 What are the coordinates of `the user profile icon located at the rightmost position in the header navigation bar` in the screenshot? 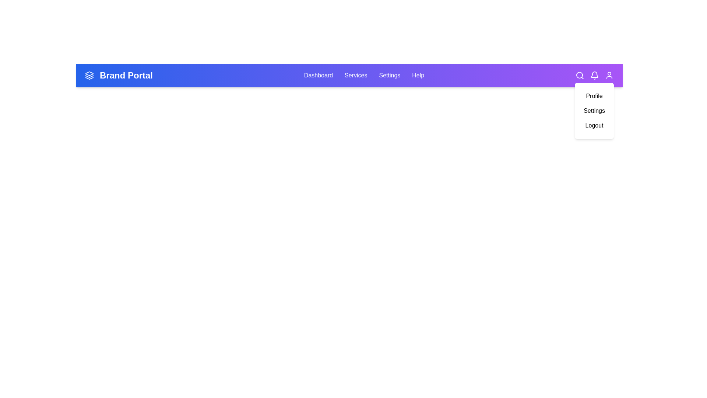 It's located at (609, 75).